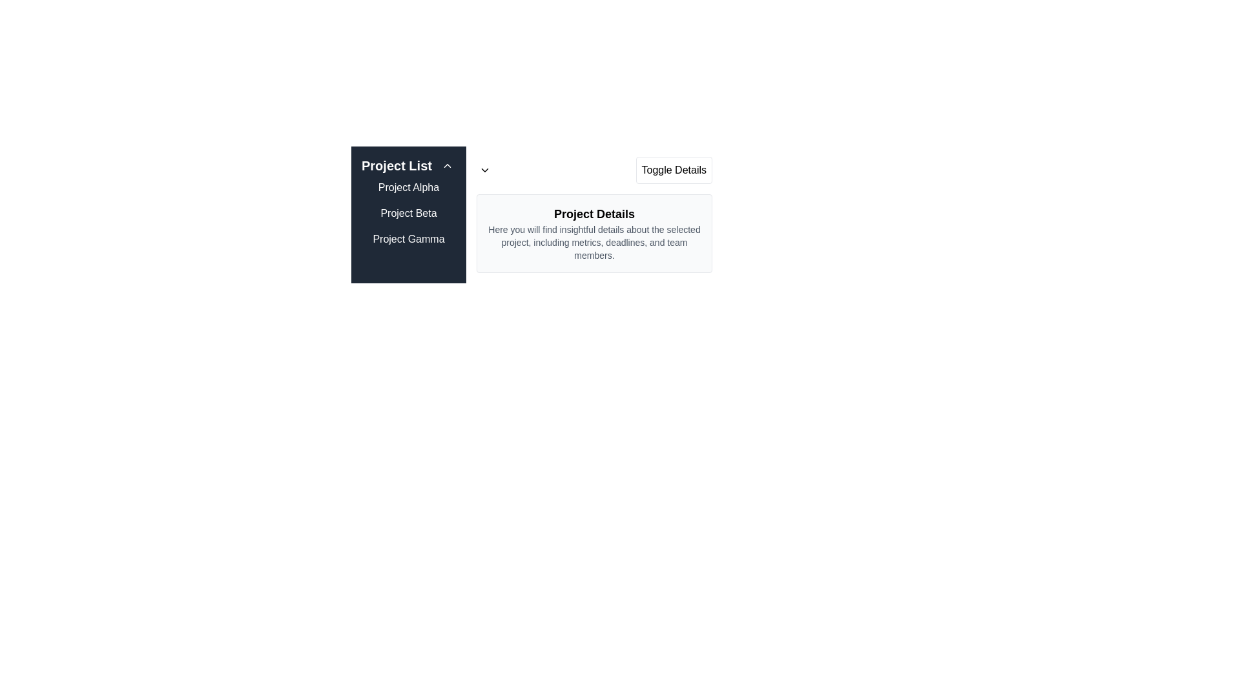  What do you see at coordinates (408, 165) in the screenshot?
I see `the Header element at the top of the sidebar` at bounding box center [408, 165].